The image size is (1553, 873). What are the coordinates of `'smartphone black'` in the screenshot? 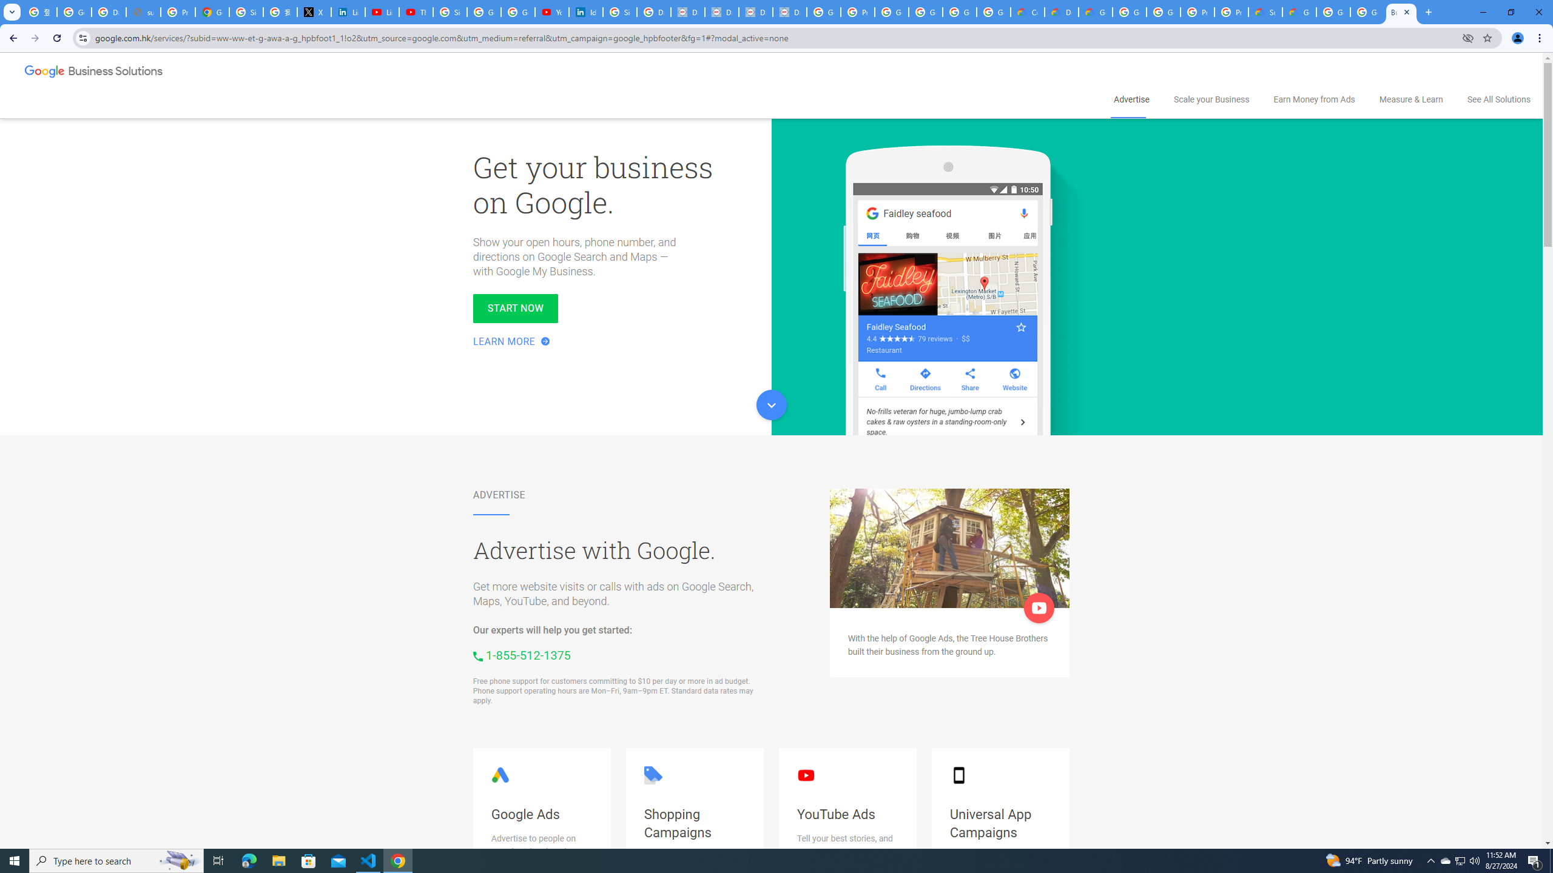 It's located at (957, 775).